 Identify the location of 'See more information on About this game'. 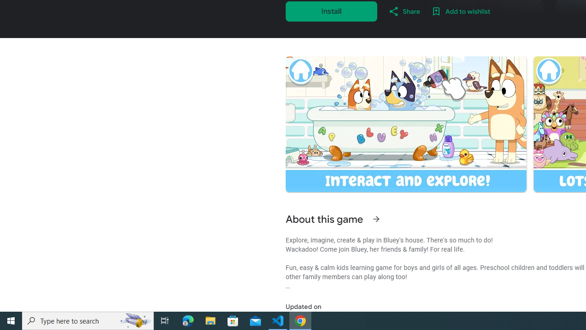
(376, 219).